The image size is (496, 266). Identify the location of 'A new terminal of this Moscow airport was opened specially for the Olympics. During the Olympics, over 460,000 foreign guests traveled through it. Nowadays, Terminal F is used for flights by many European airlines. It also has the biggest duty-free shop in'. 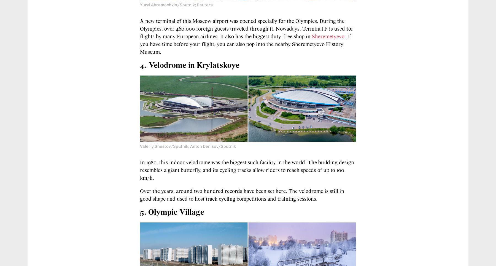
(246, 28).